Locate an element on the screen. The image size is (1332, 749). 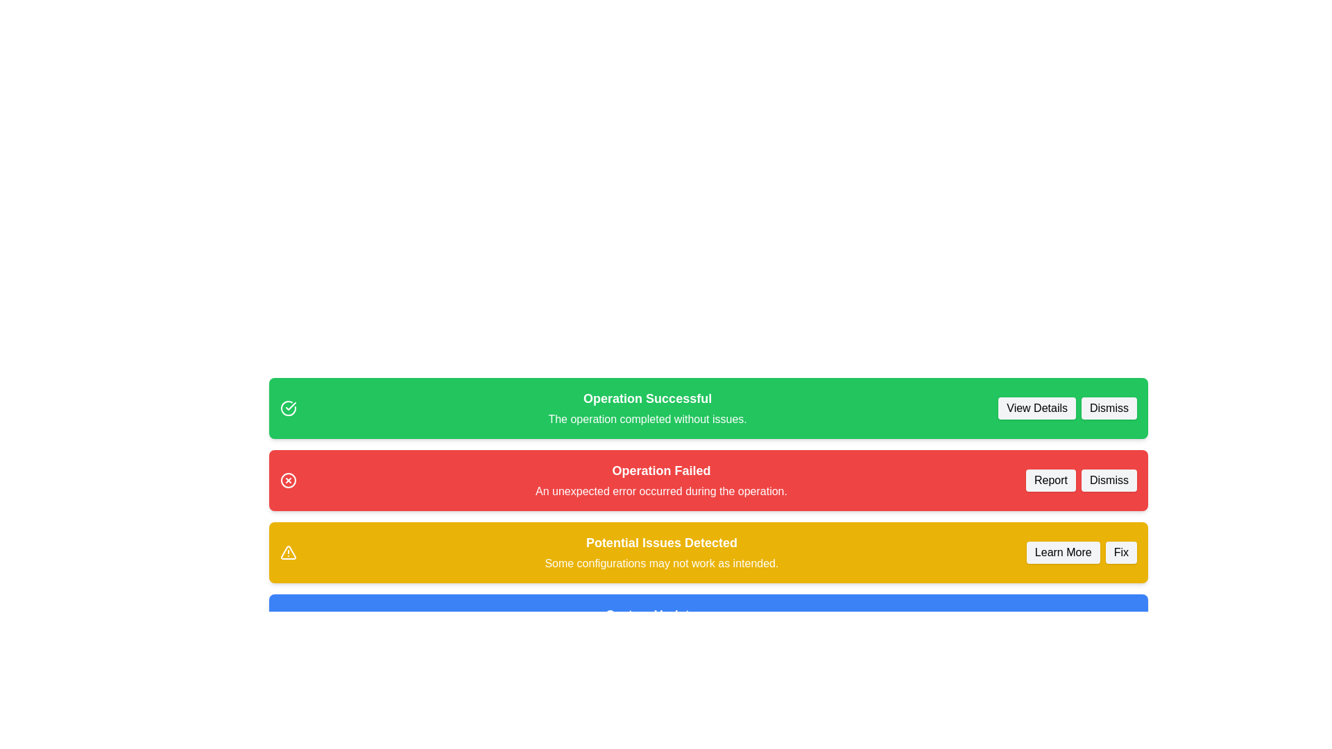
the 'Dismiss' button in the bottom right corner of the 'Operation Failed' notification card is located at coordinates (1081, 480).